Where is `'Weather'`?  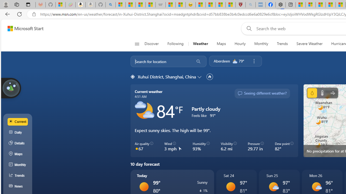 'Weather' is located at coordinates (200, 44).